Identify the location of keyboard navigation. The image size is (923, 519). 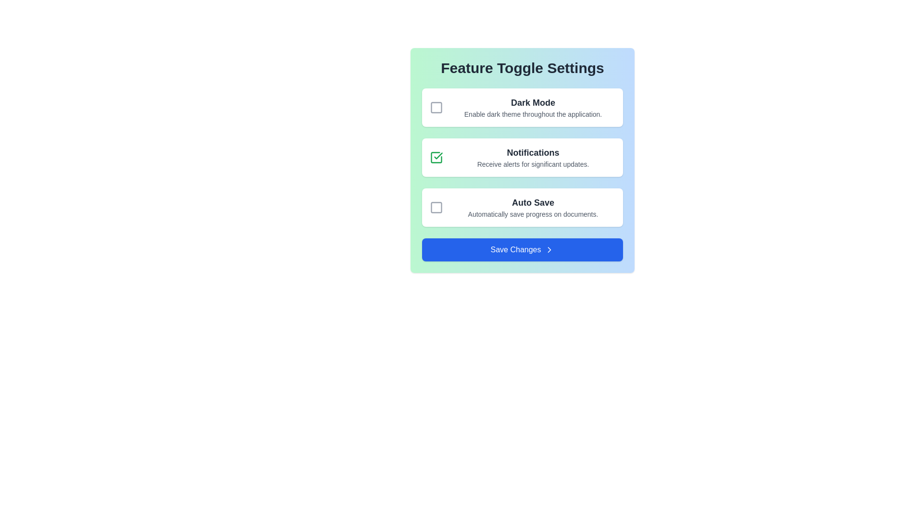
(436, 157).